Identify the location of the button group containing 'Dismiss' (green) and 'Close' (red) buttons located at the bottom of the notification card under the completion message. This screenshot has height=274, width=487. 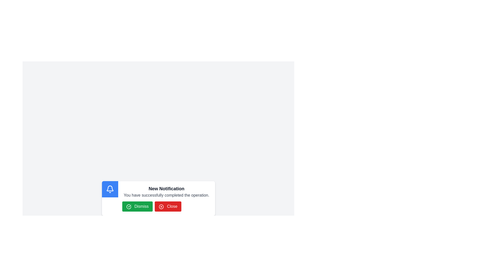
(166, 206).